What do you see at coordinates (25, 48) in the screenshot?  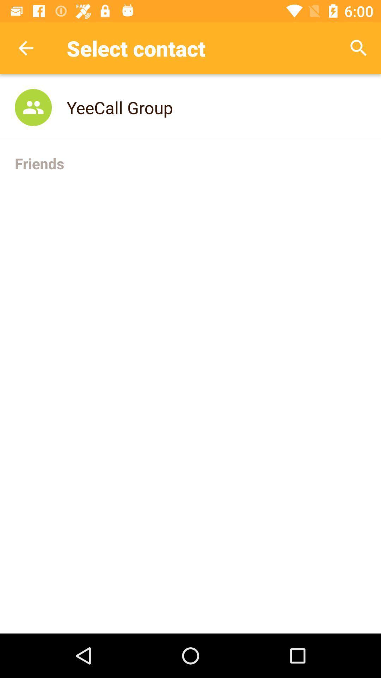 I see `previous` at bounding box center [25, 48].